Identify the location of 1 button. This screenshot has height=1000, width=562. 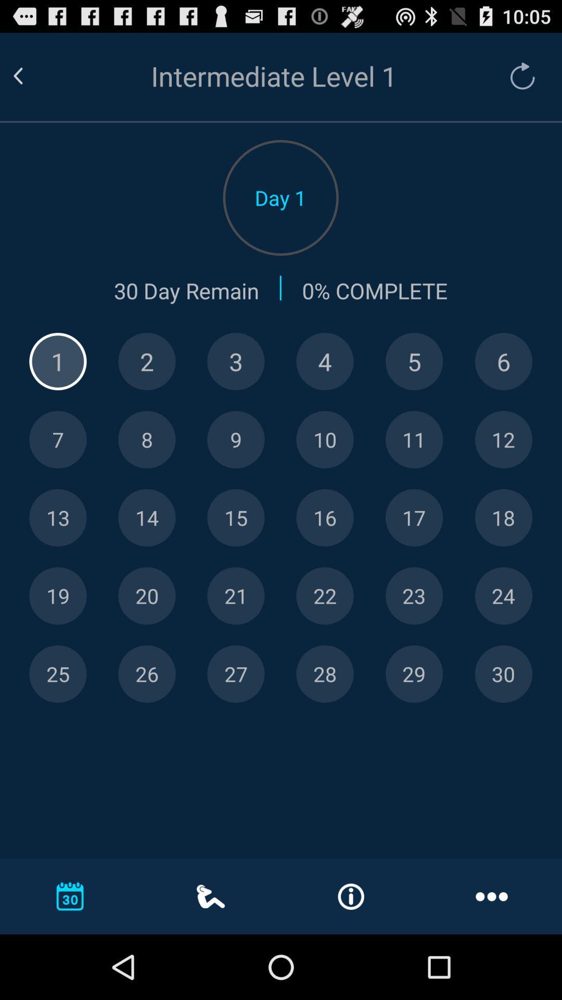
(58, 361).